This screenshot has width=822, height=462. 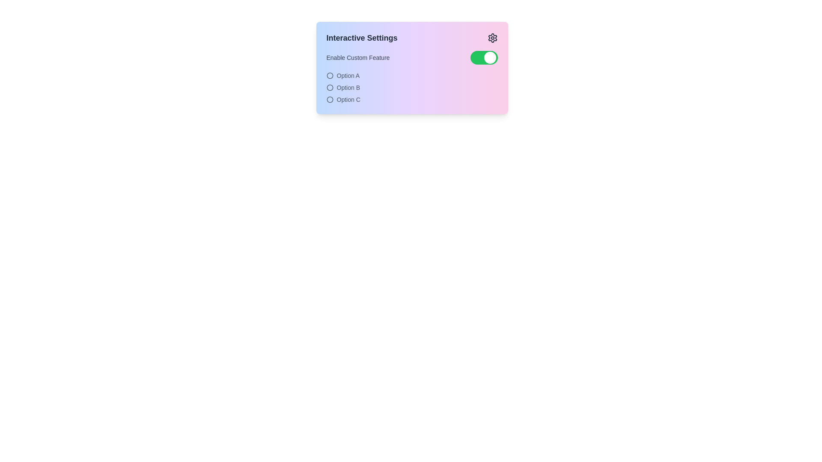 What do you see at coordinates (329, 75) in the screenshot?
I see `the first circular radio button selection indicator adjacent to the label 'Option A'` at bounding box center [329, 75].